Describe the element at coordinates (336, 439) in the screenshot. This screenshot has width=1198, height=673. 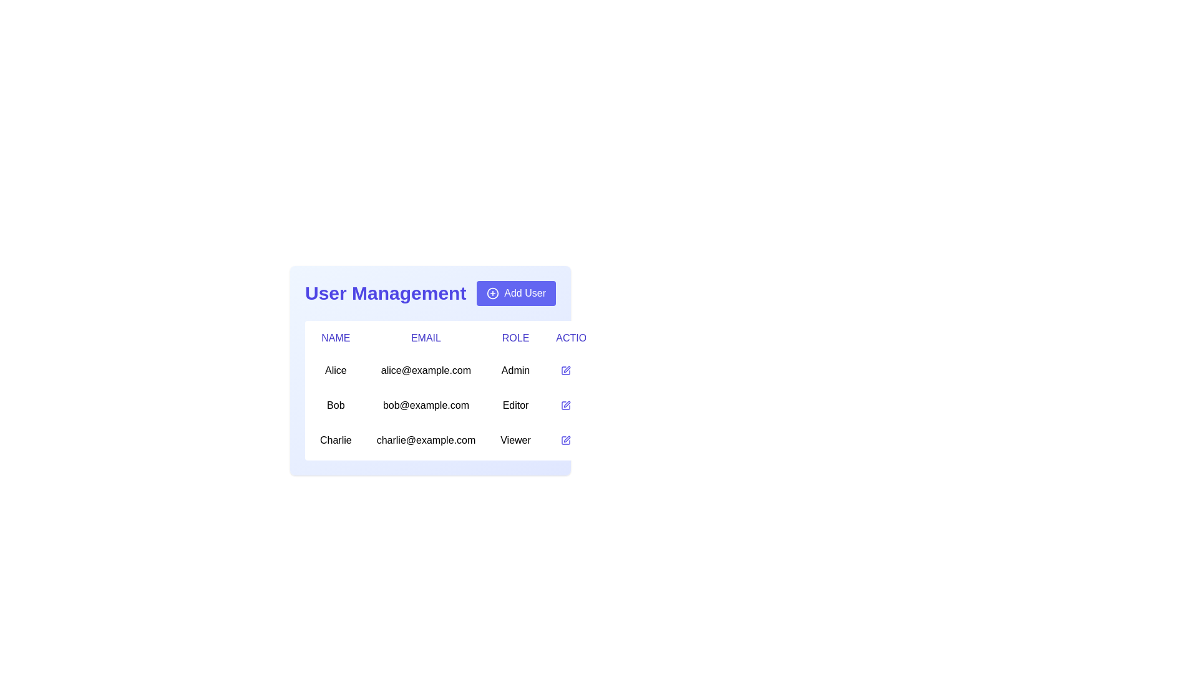
I see `the user's display name in the user management table, which is the first item under the 'Name' column in the third row` at that location.